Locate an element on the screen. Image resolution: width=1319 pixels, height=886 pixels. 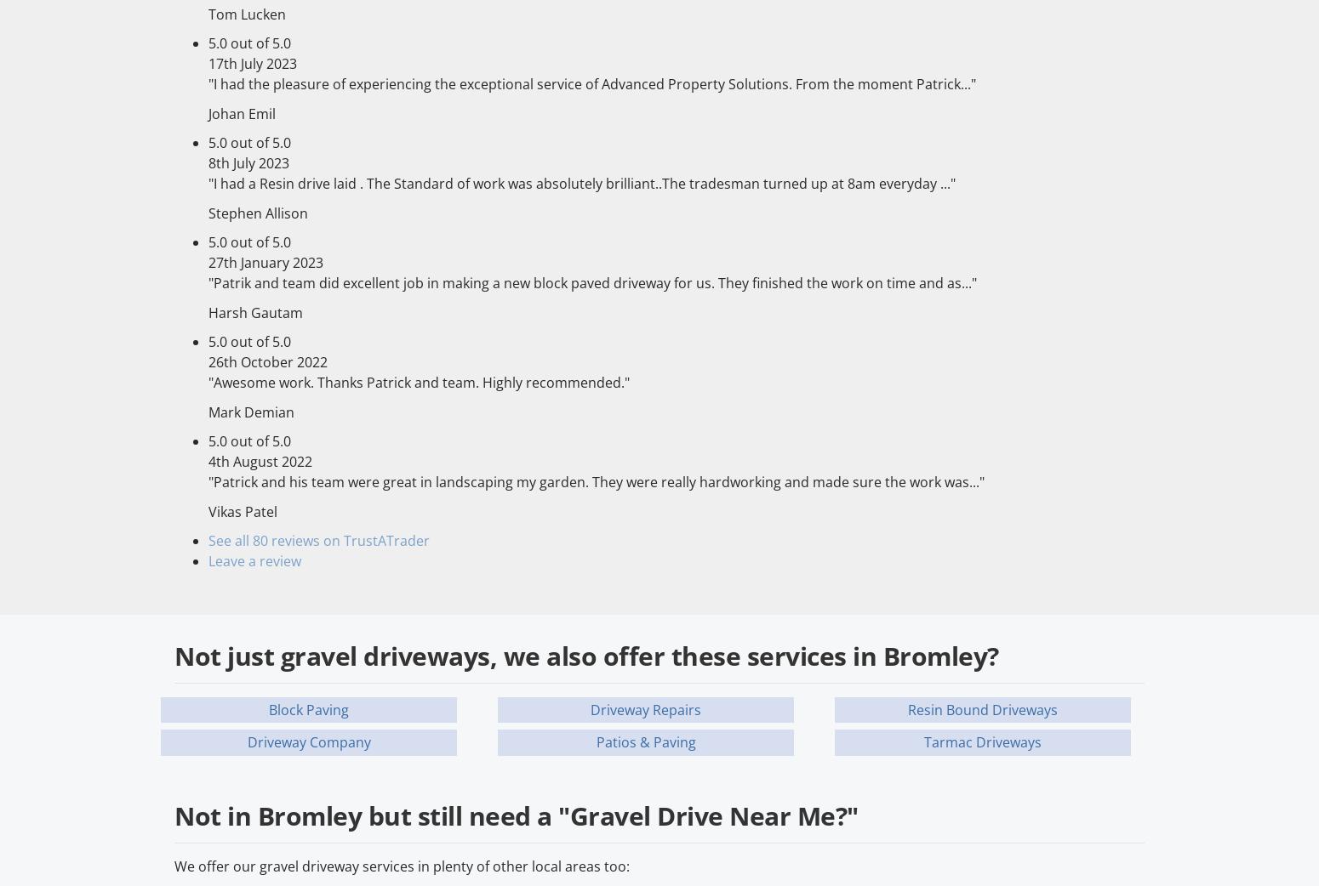
'Not just gravel driveways, we also offer these services in Bromley?' is located at coordinates (585, 654).